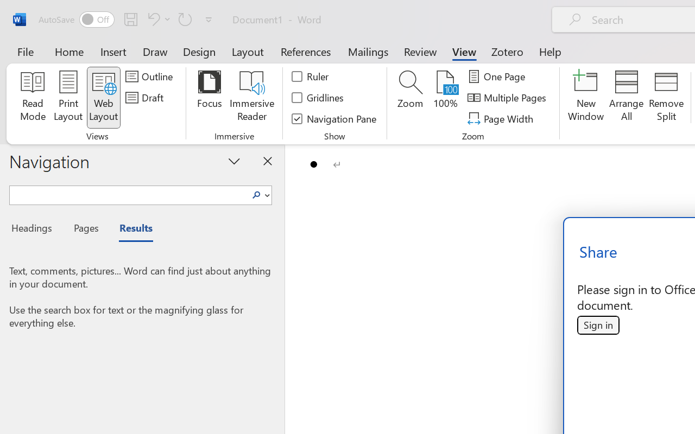 The height and width of the screenshot is (434, 695). Describe the element at coordinates (310, 76) in the screenshot. I see `'Ruler'` at that location.